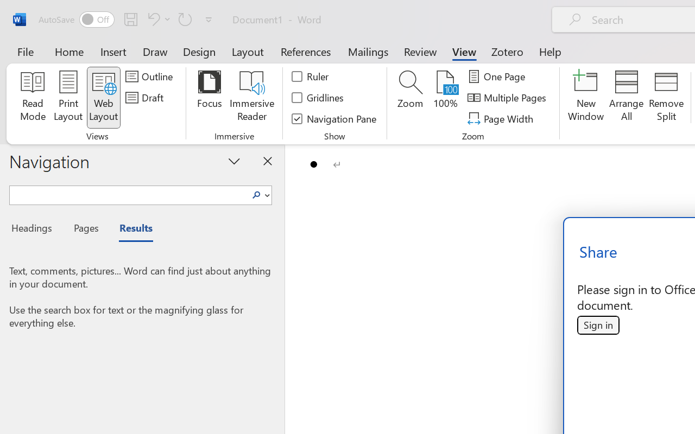 The height and width of the screenshot is (434, 695). Describe the element at coordinates (310, 76) in the screenshot. I see `'Ruler'` at that location.